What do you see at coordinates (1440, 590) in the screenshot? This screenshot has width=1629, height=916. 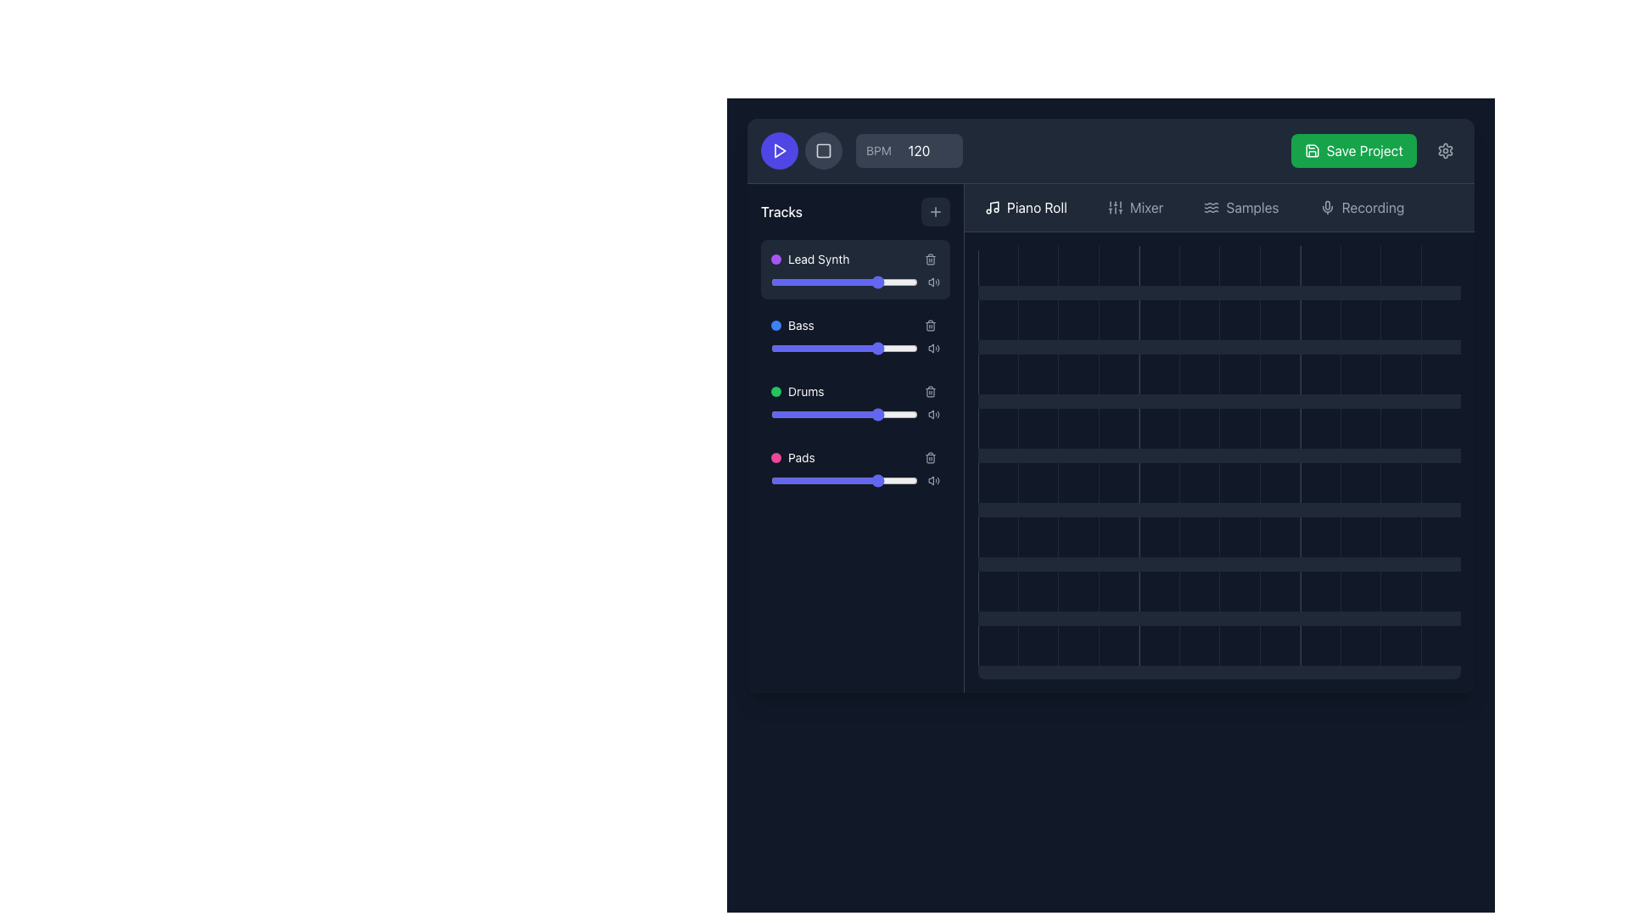 I see `the grid cell located in the bottom right corner of the interactive grid layout, which is the last box in the final row of a 12-column grid` at bounding box center [1440, 590].